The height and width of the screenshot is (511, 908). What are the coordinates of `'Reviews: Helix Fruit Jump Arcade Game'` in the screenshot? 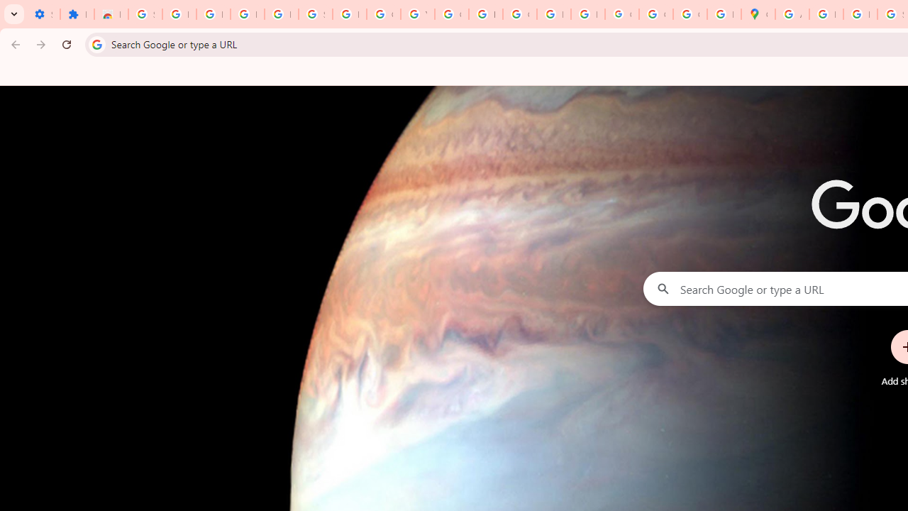 It's located at (110, 14).